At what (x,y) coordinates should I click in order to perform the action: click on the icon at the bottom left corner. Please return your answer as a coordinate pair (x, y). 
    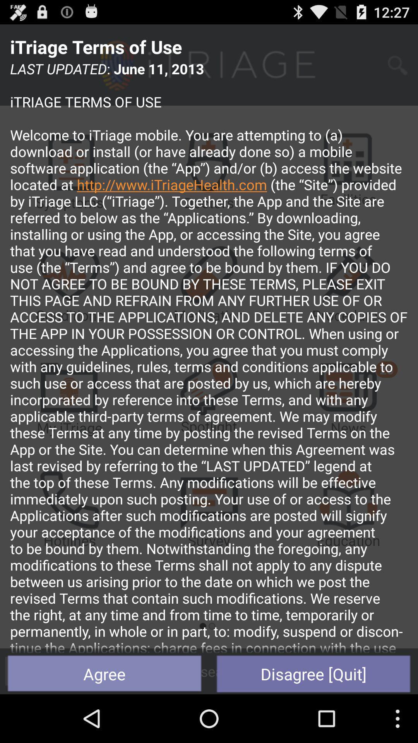
    Looking at the image, I should click on (104, 673).